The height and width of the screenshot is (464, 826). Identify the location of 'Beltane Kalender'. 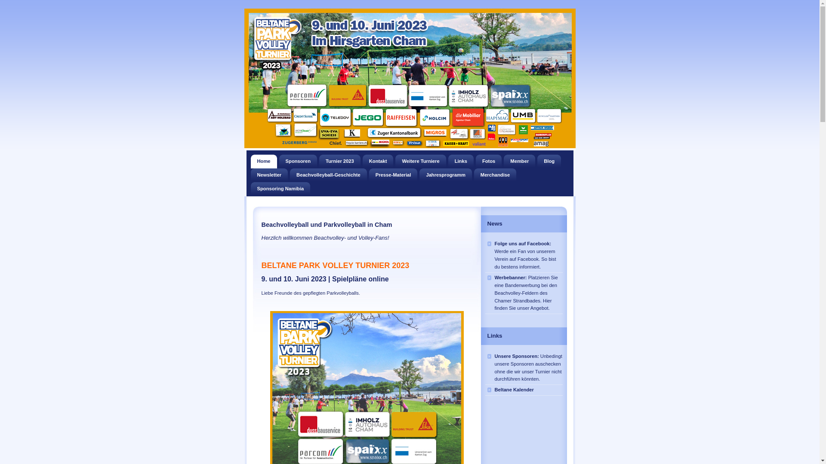
(524, 390).